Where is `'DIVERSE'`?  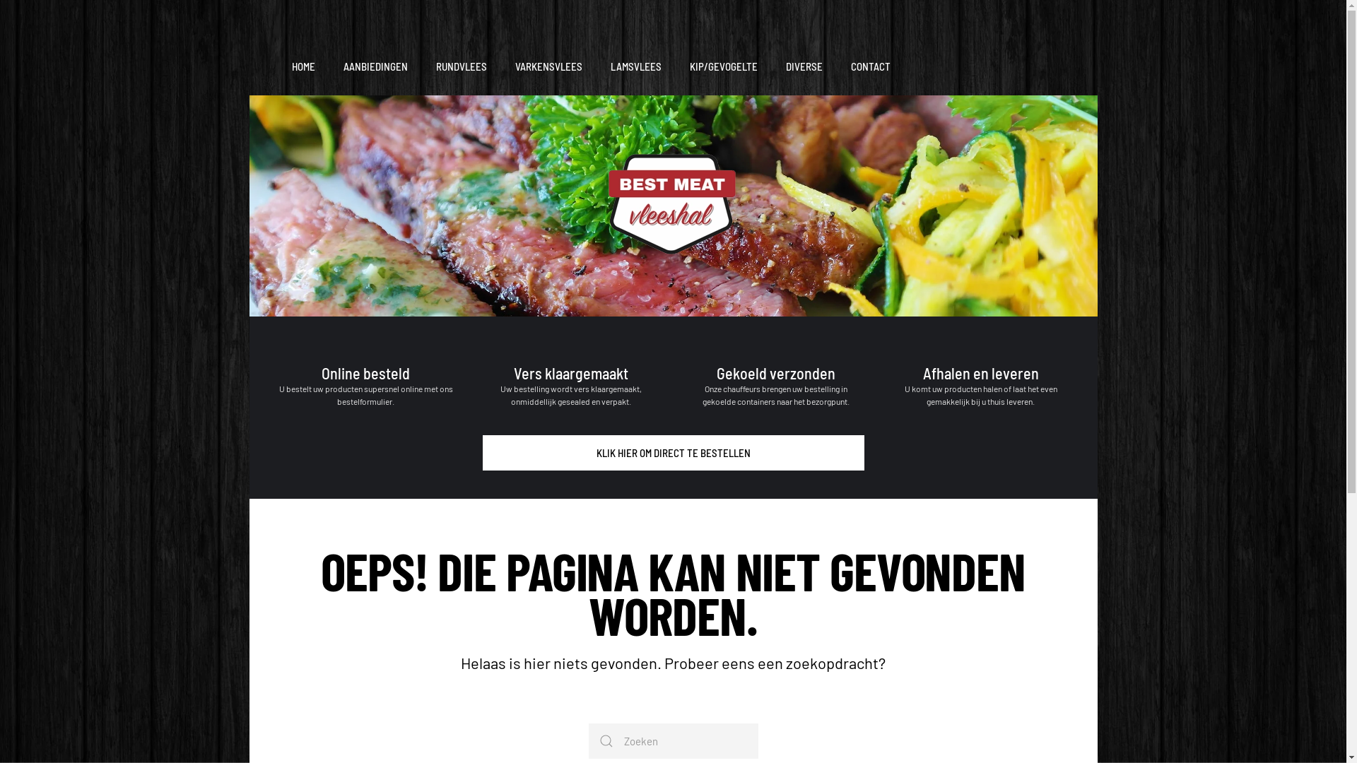 'DIVERSE' is located at coordinates (804, 67).